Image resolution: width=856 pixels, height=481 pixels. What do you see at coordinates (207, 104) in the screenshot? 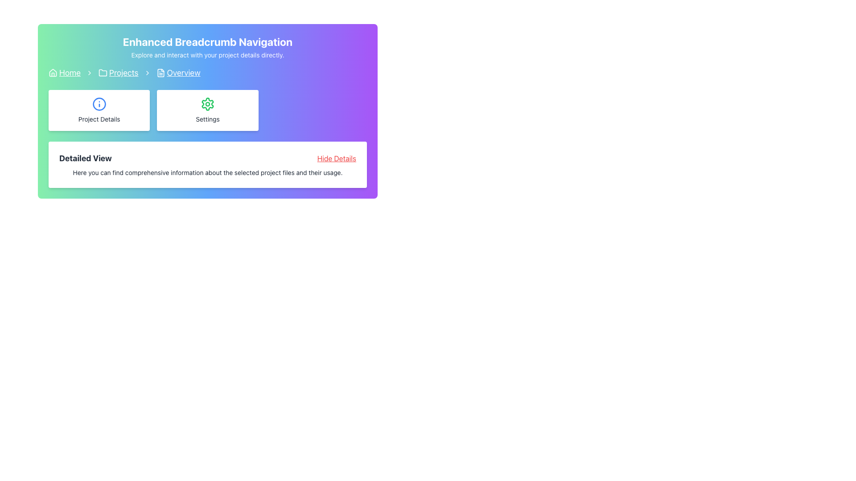
I see `the cogwheel-shaped settings icon with a green outline and white interior, which is located in the settings box prominently in the interface` at bounding box center [207, 104].